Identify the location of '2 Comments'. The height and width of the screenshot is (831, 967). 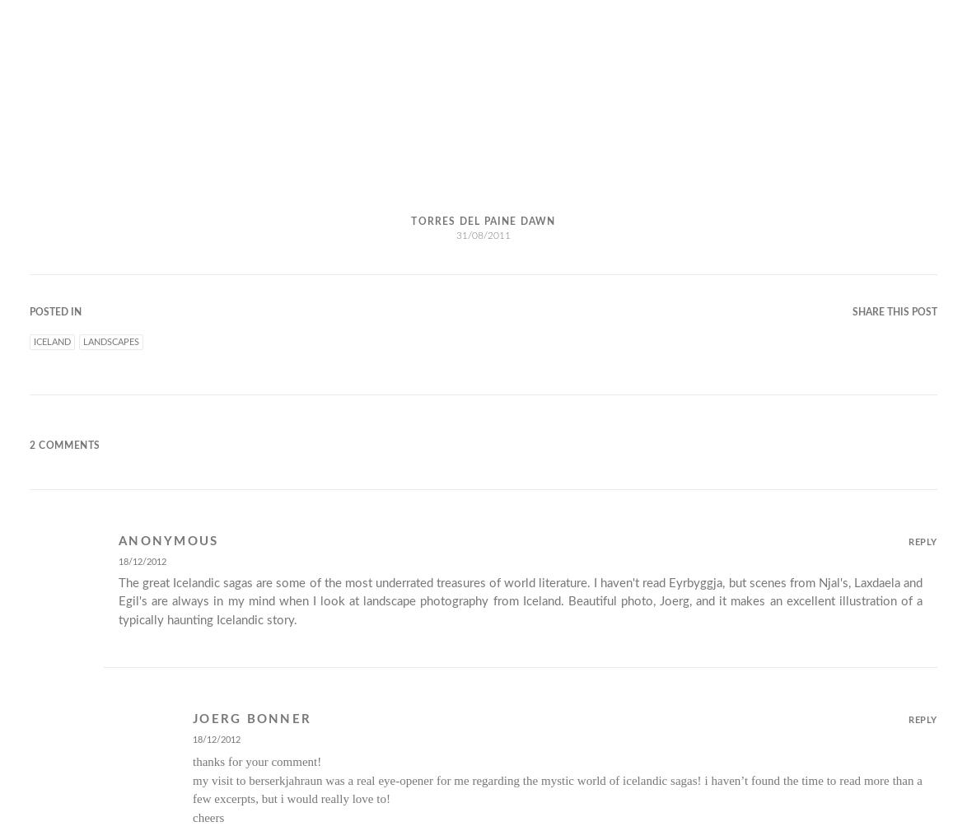
(65, 446).